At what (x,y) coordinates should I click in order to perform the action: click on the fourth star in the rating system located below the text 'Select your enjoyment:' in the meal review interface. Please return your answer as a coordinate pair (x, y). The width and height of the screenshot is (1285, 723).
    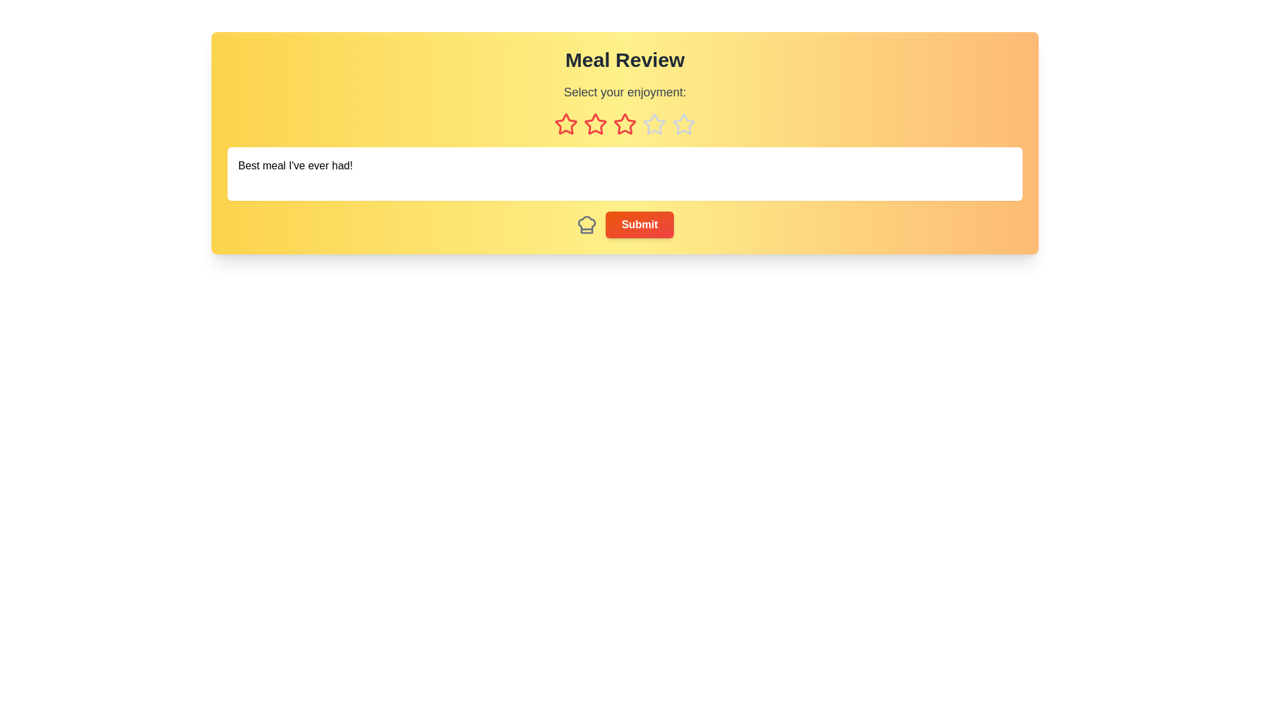
    Looking at the image, I should click on (655, 124).